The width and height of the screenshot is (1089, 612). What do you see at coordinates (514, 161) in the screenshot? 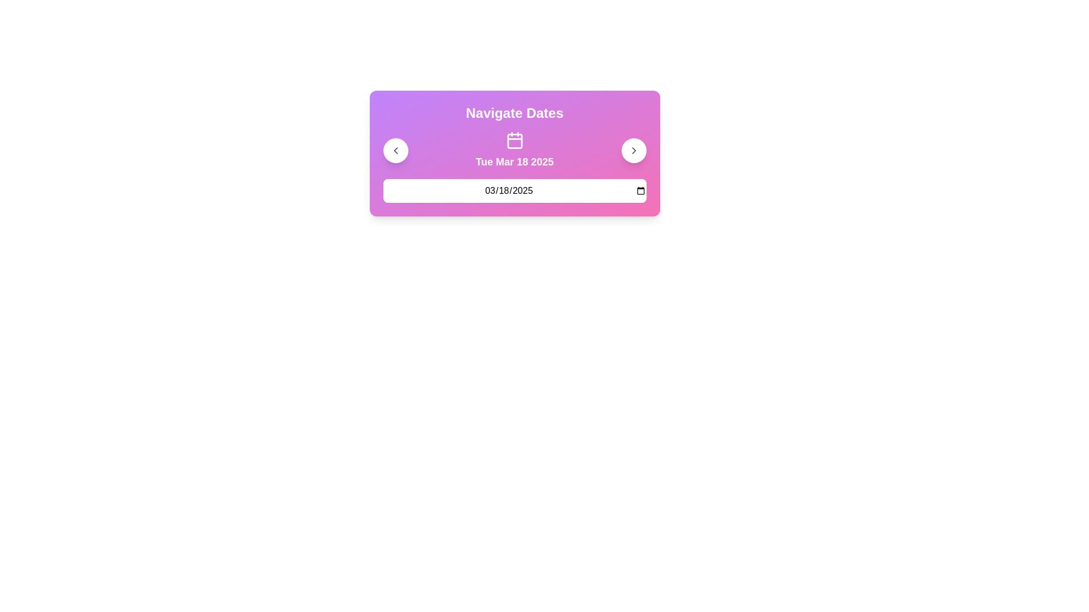
I see `the text label that displays the currently active date, located under the calendar icon in the 'Navigate Dates' panel` at bounding box center [514, 161].